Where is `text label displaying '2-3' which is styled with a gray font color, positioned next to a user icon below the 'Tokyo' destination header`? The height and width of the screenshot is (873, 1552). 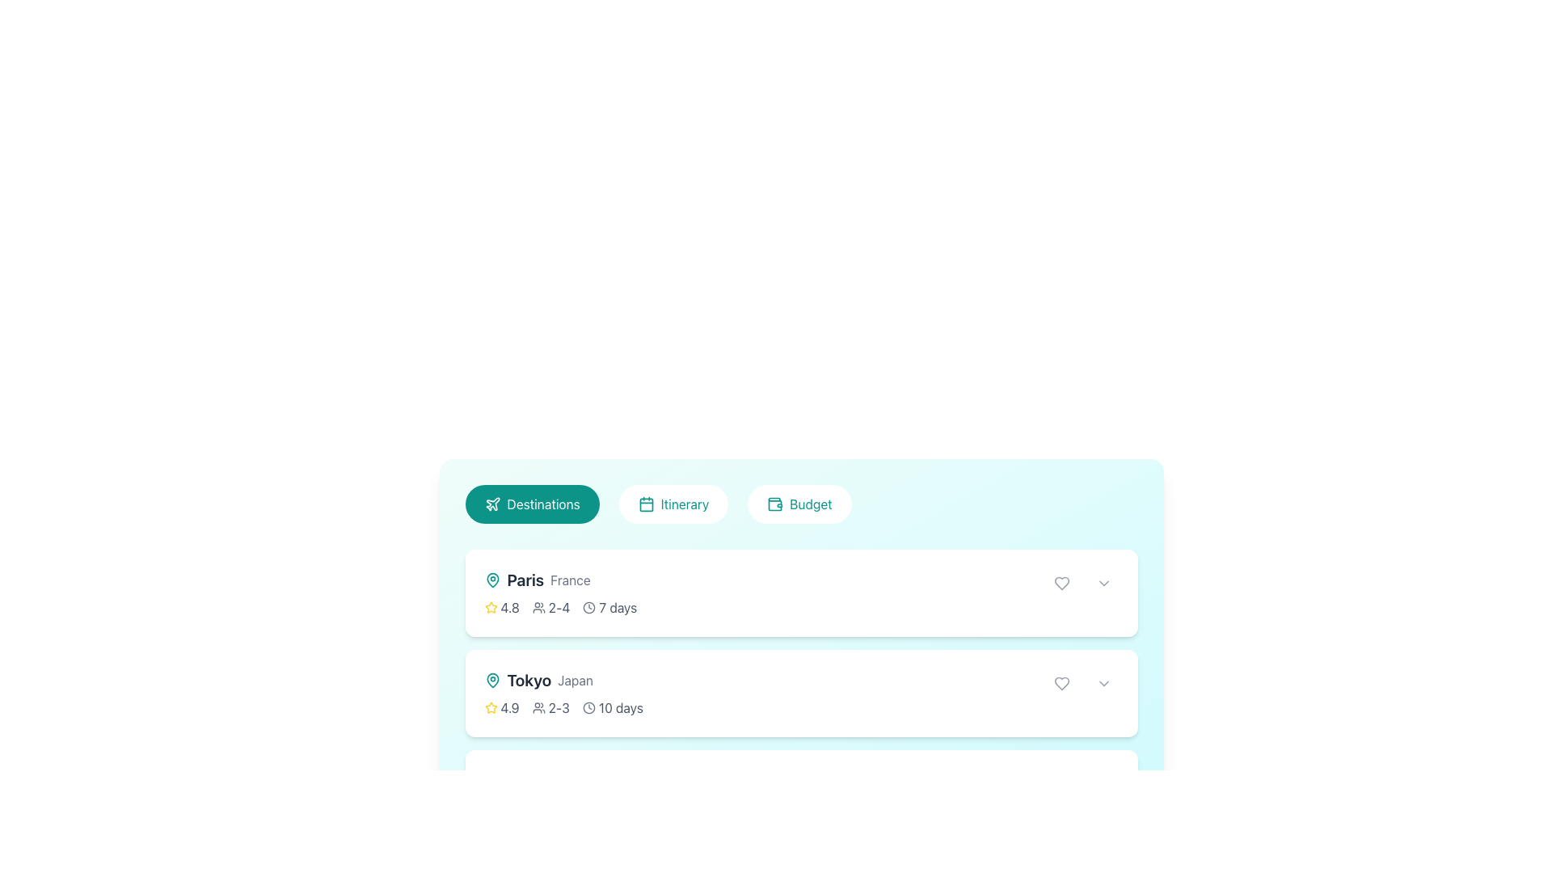 text label displaying '2-3' which is styled with a gray font color, positioned next to a user icon below the 'Tokyo' destination header is located at coordinates (559, 706).